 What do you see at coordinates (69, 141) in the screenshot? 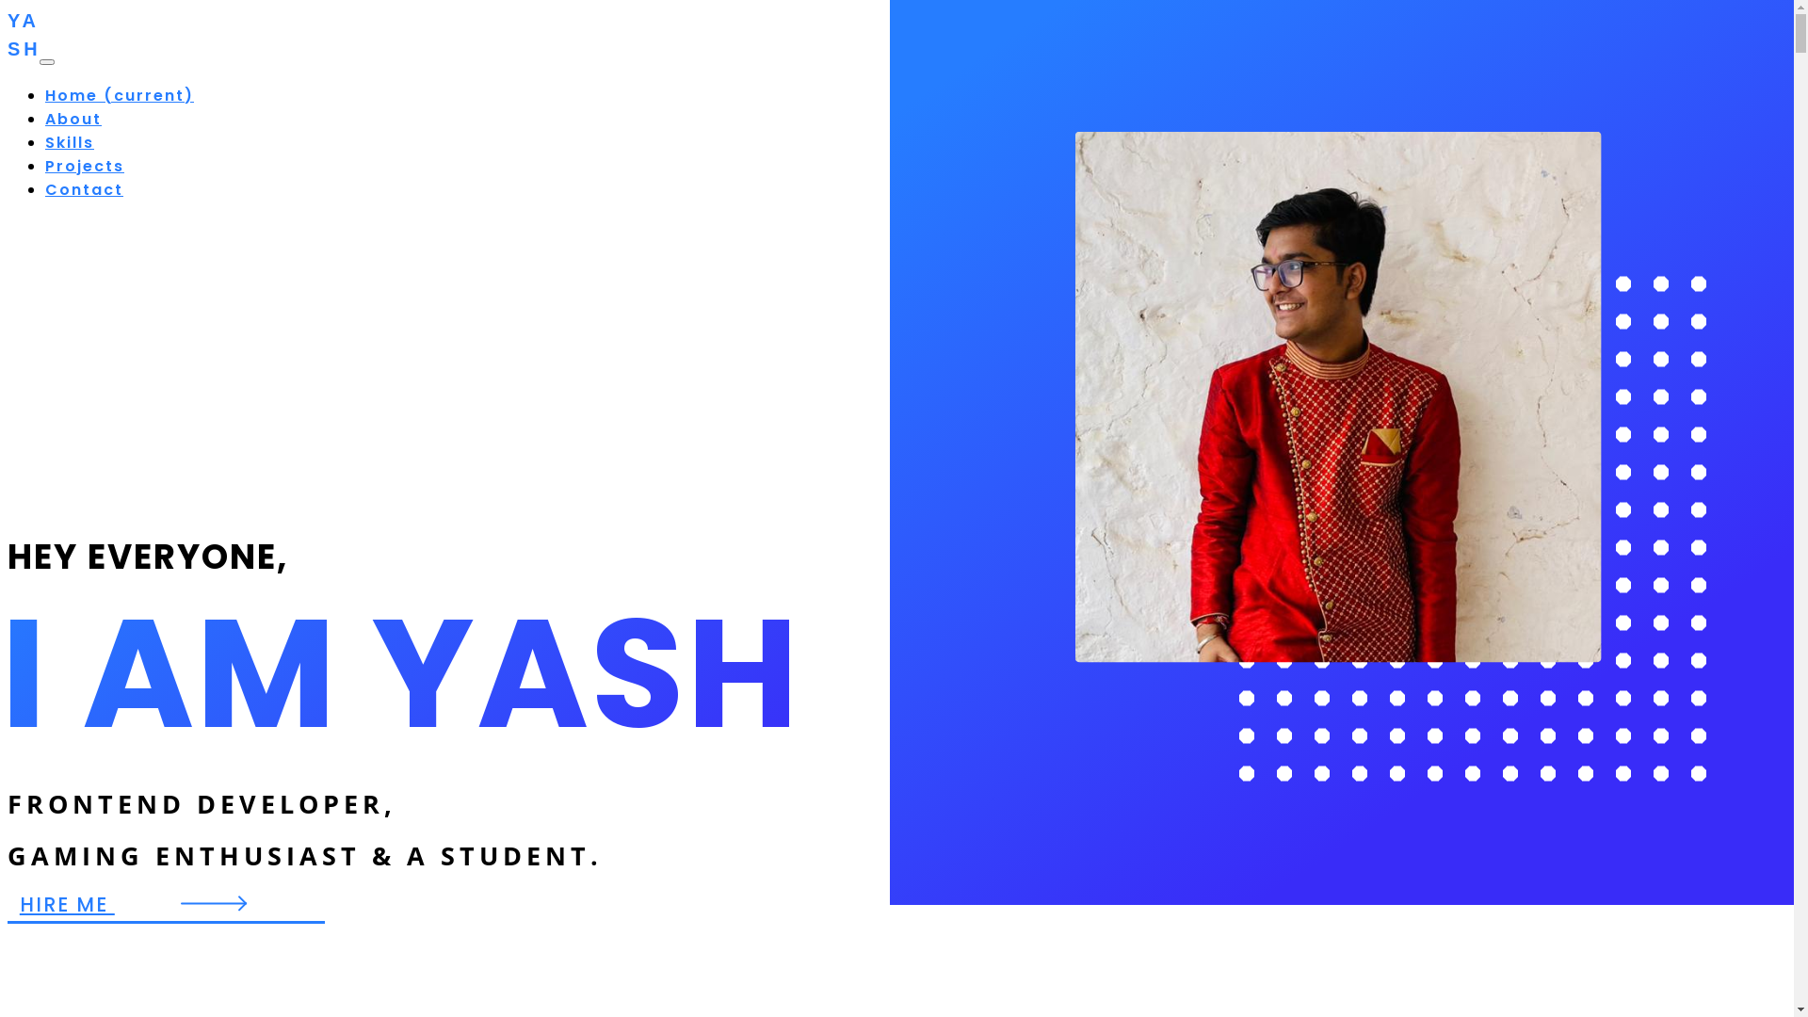
I see `'Skills'` at bounding box center [69, 141].